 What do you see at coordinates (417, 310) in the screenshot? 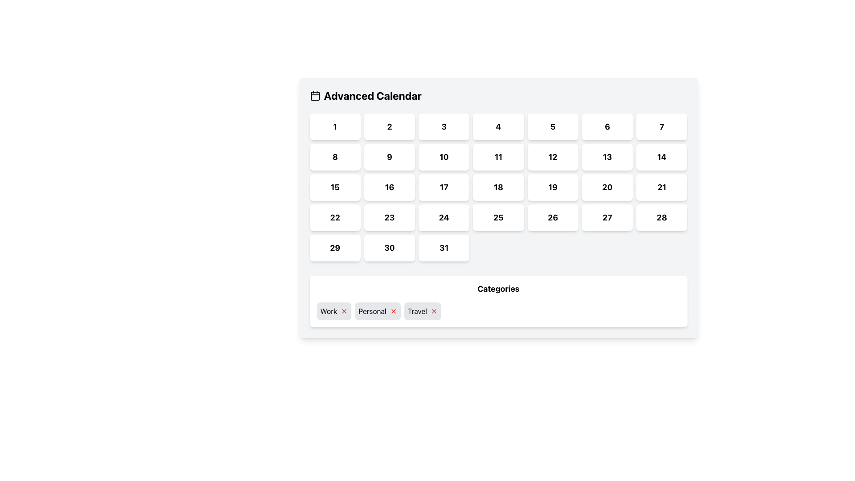
I see `the 'Travel' category text label in the 'Categories' section` at bounding box center [417, 310].